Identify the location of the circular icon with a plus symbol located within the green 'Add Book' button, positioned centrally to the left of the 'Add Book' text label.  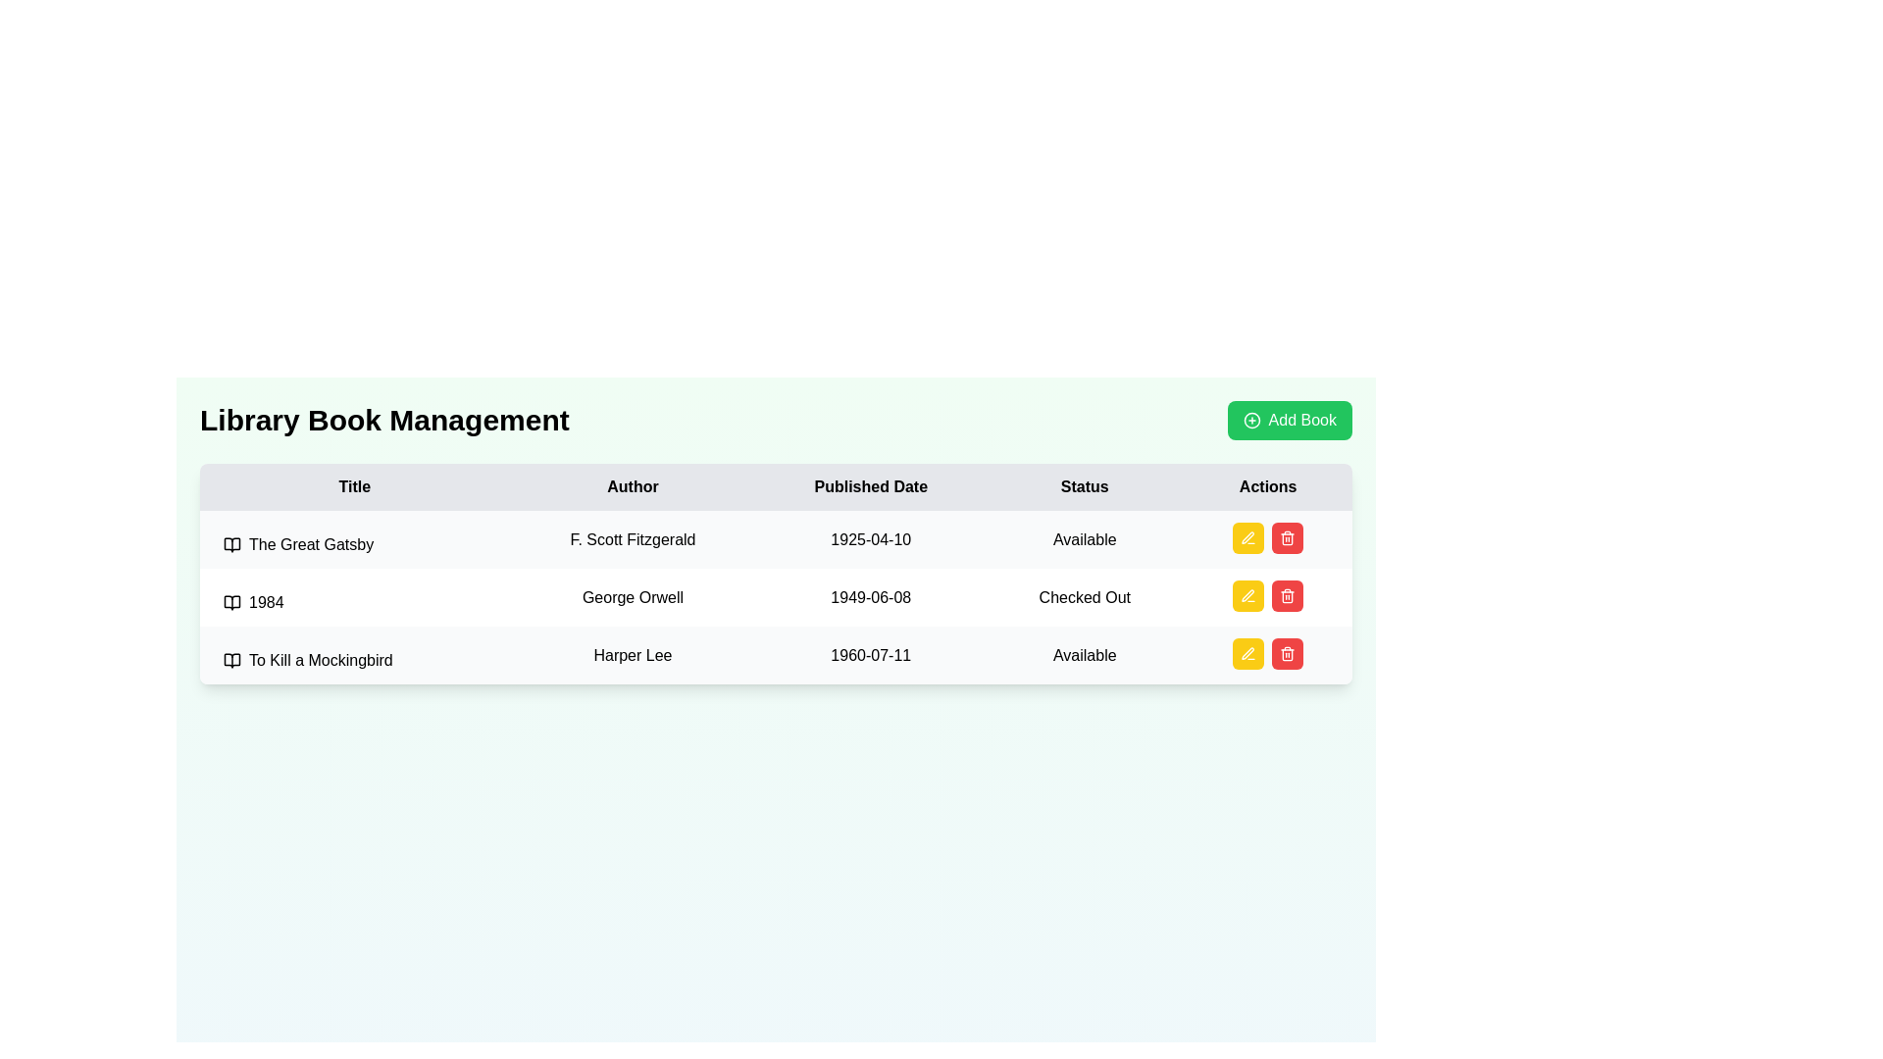
(1250, 419).